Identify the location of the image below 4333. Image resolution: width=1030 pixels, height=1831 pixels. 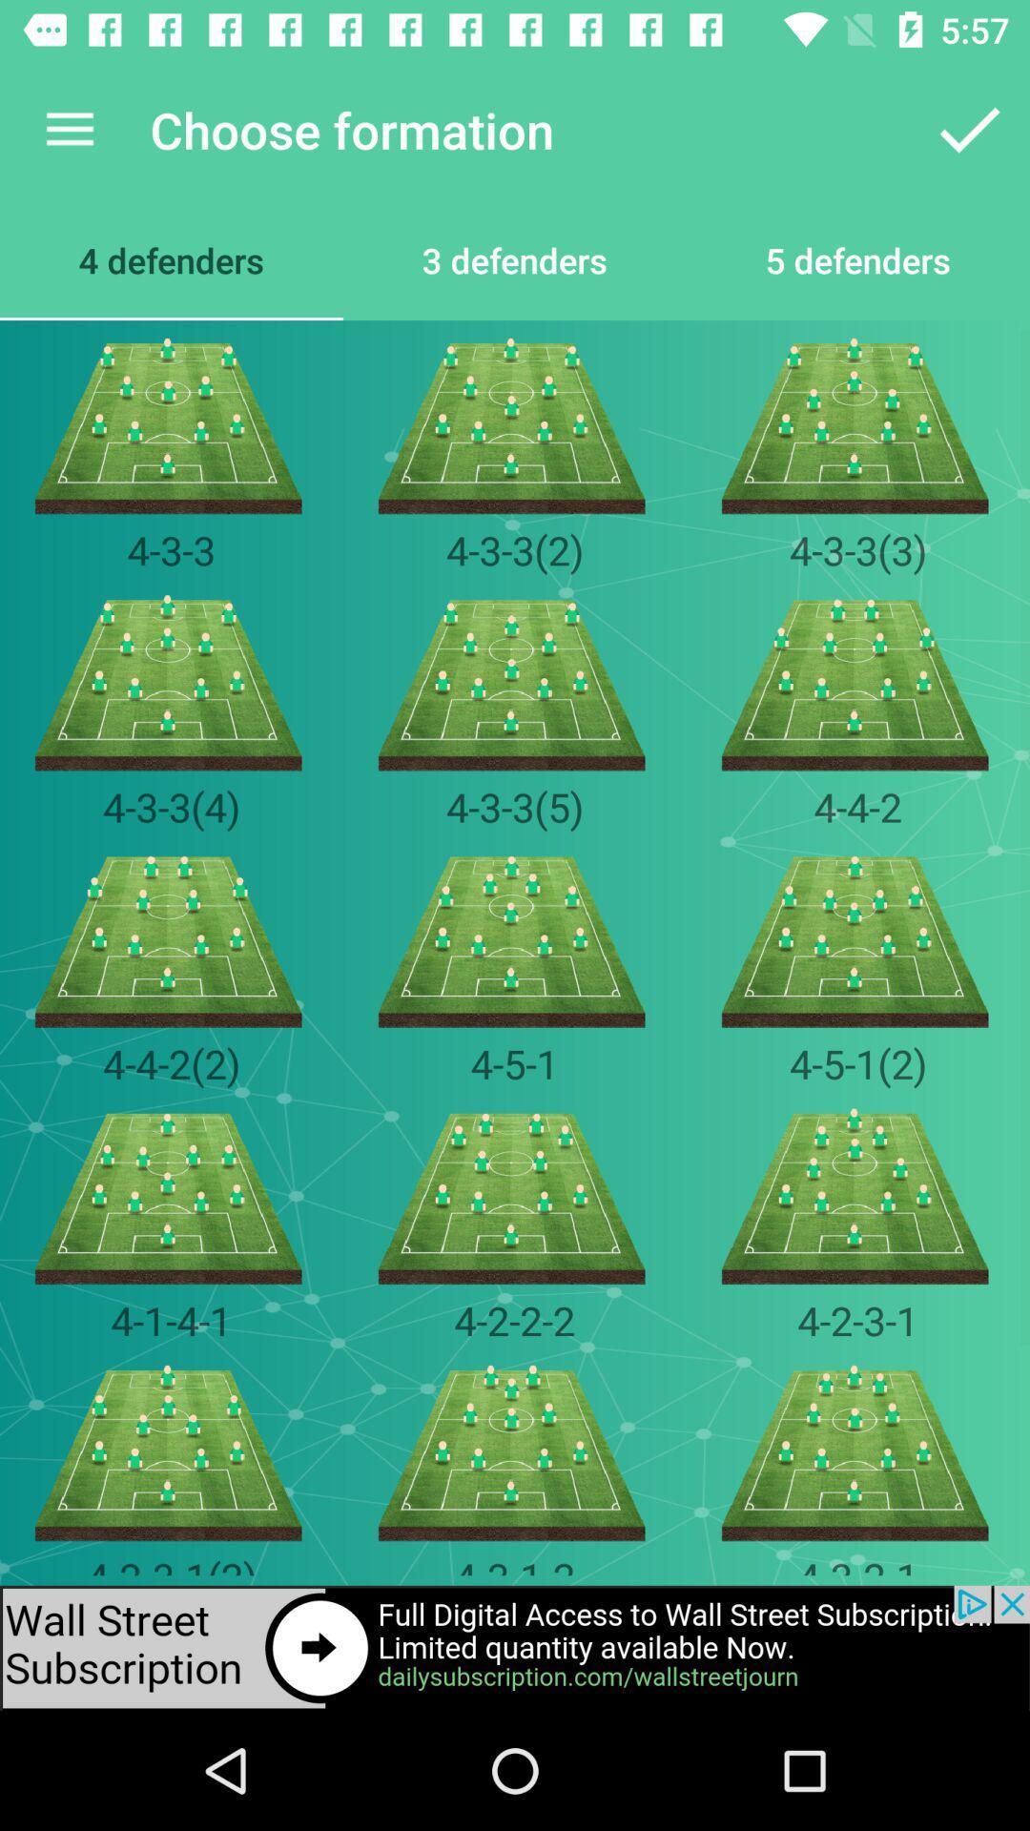
(856, 683).